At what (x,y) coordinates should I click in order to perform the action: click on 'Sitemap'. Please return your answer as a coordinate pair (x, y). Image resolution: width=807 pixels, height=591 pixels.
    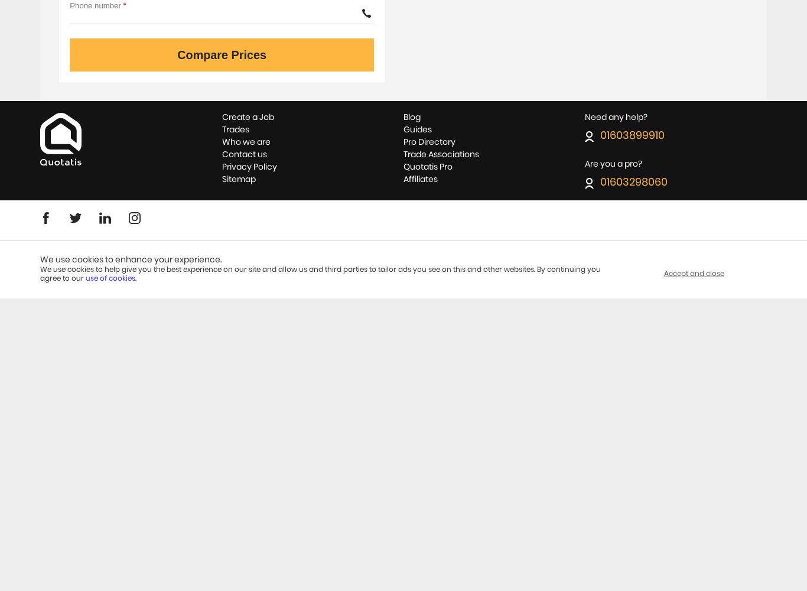
    Looking at the image, I should click on (220, 179).